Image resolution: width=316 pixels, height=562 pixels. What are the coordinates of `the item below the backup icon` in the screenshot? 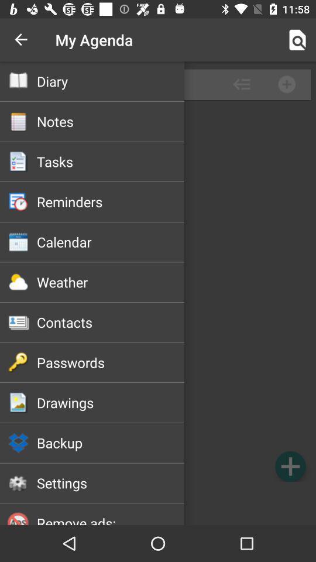 It's located at (111, 483).